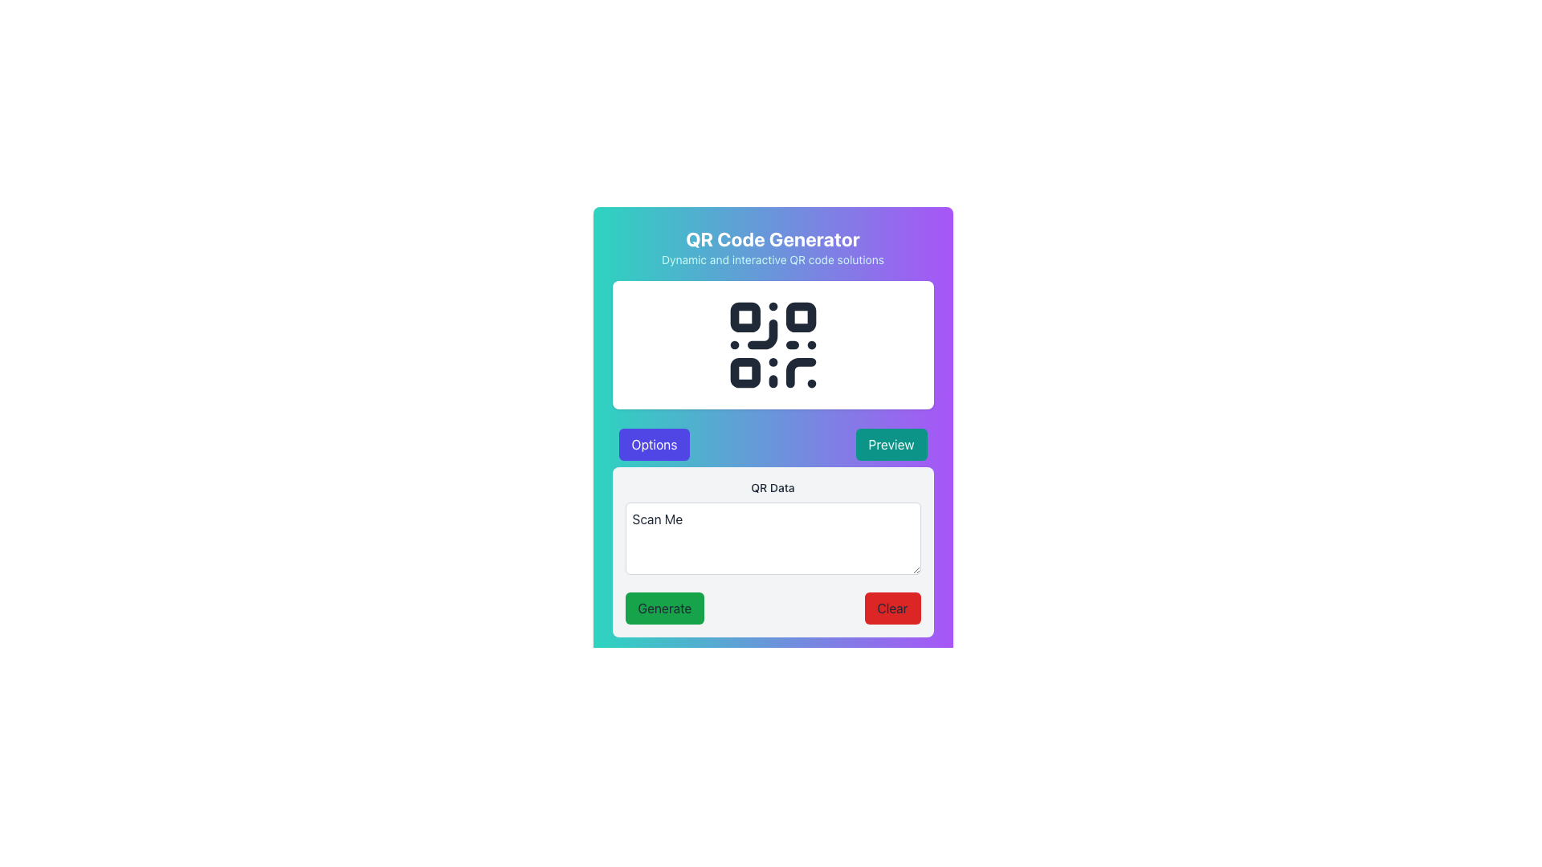 This screenshot has width=1542, height=867. What do you see at coordinates (761, 333) in the screenshot?
I see `the decorative element within the QR code layout, which is positioned in the center of the display` at bounding box center [761, 333].